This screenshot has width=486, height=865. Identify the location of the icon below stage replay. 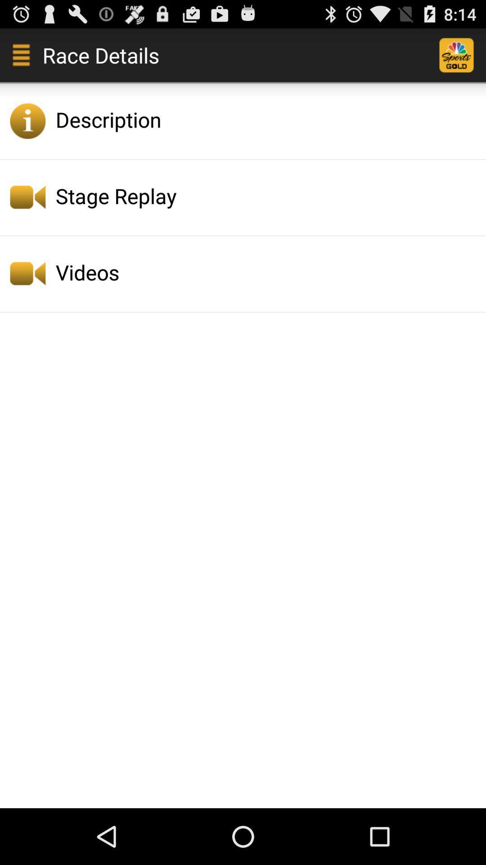
(268, 272).